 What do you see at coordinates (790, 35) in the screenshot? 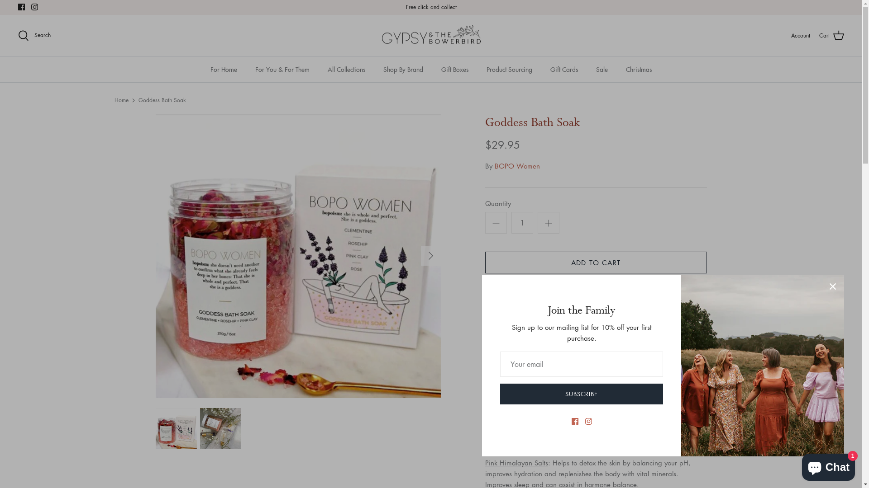
I see `'Account'` at bounding box center [790, 35].